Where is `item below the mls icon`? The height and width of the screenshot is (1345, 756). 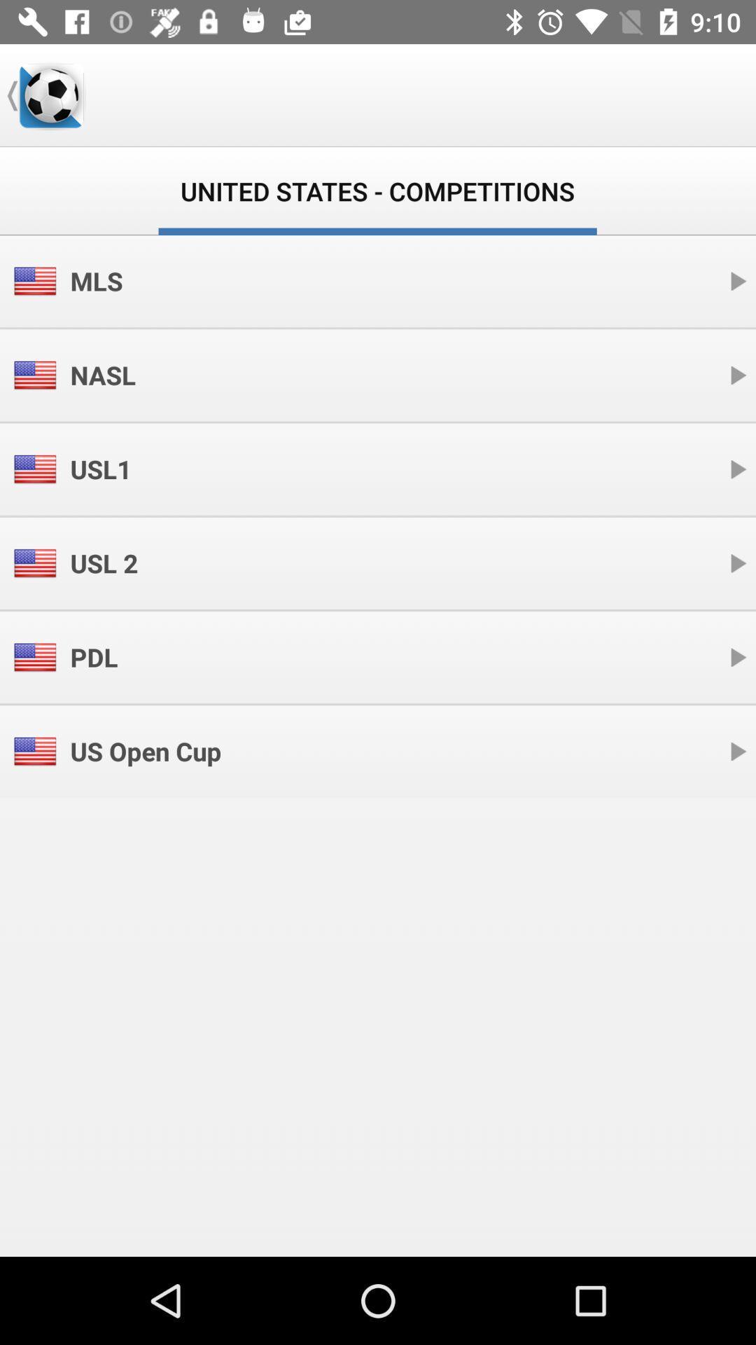
item below the mls icon is located at coordinates (102, 375).